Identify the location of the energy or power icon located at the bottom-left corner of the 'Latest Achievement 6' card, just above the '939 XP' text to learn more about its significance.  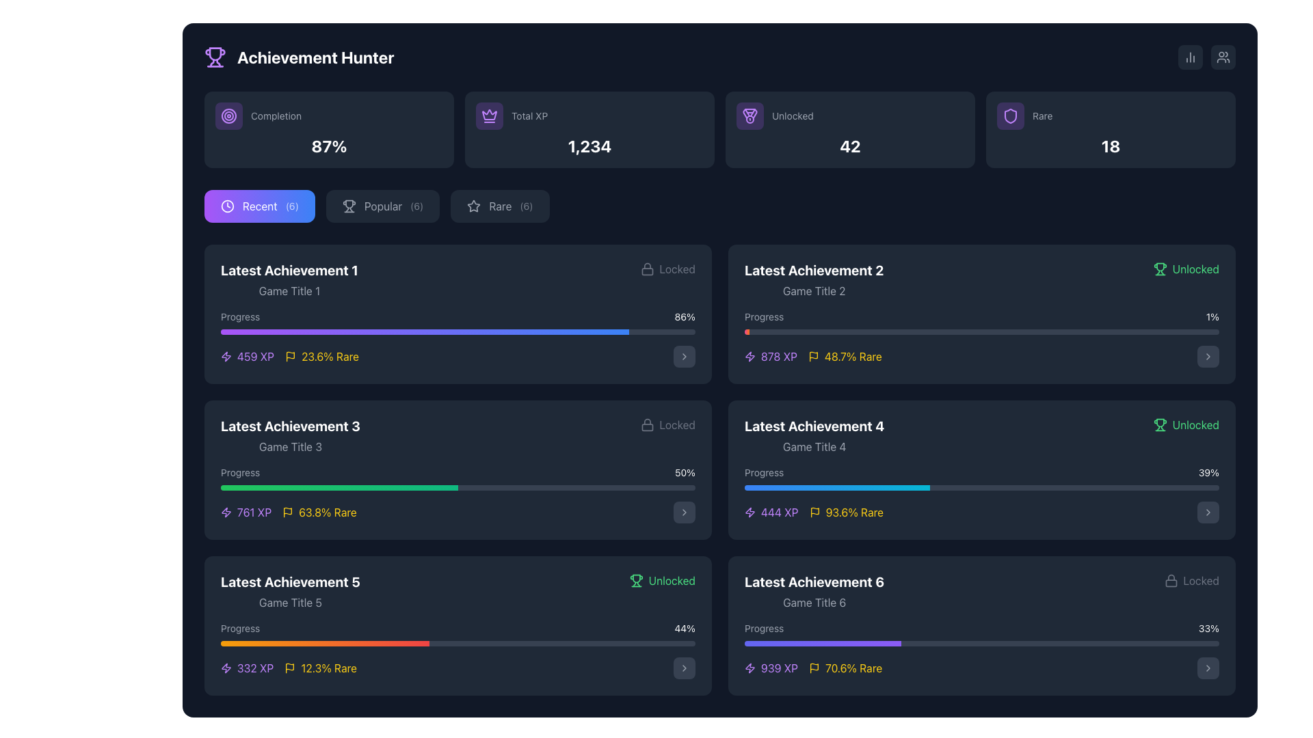
(750, 668).